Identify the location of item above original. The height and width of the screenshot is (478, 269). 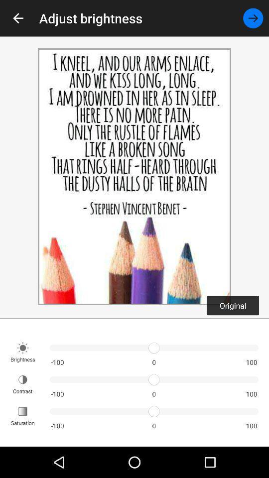
(253, 17).